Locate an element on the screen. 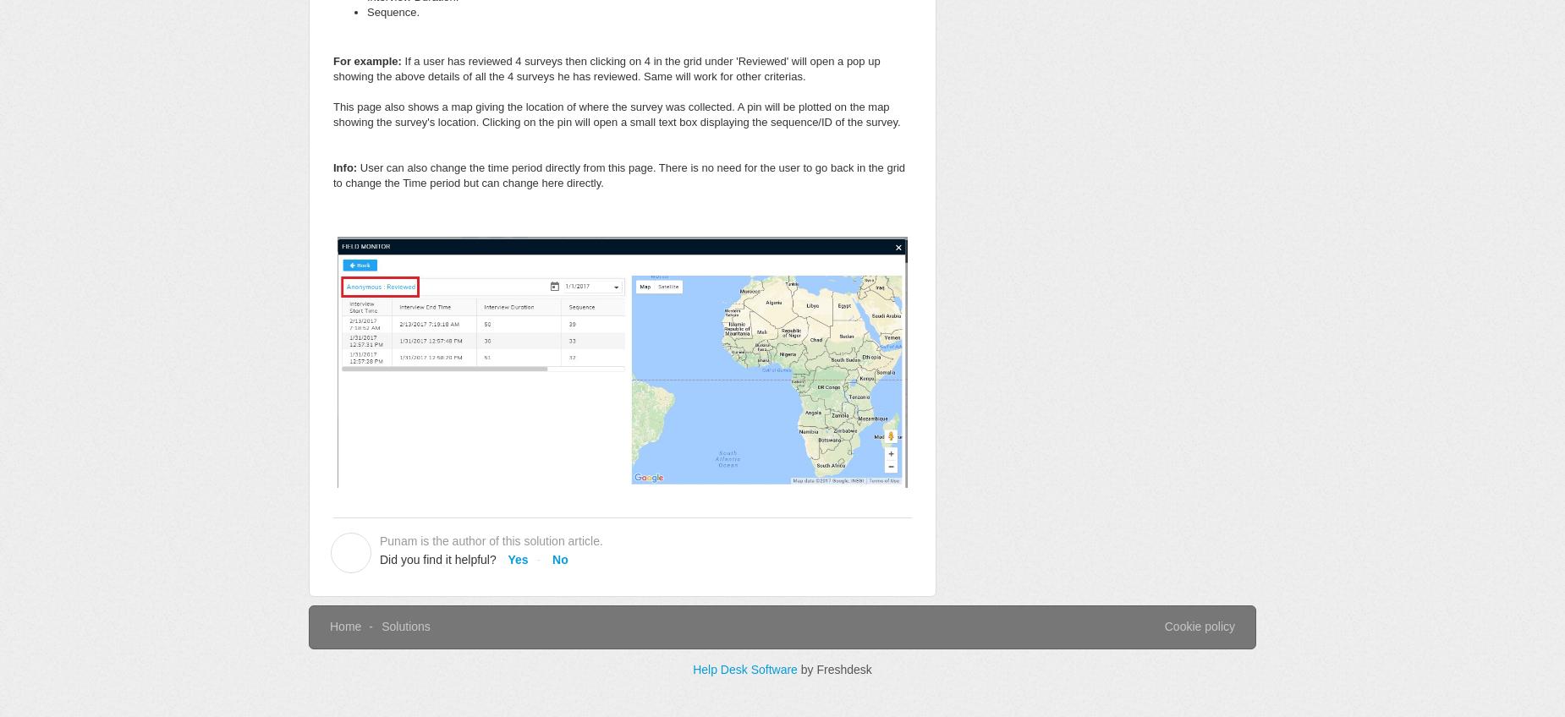 The height and width of the screenshot is (717, 1565). 'Did you find it helpful?' is located at coordinates (437, 559).